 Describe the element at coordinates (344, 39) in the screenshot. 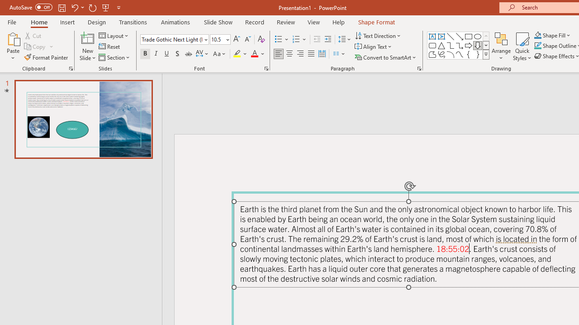

I see `'Line Spacing'` at that location.